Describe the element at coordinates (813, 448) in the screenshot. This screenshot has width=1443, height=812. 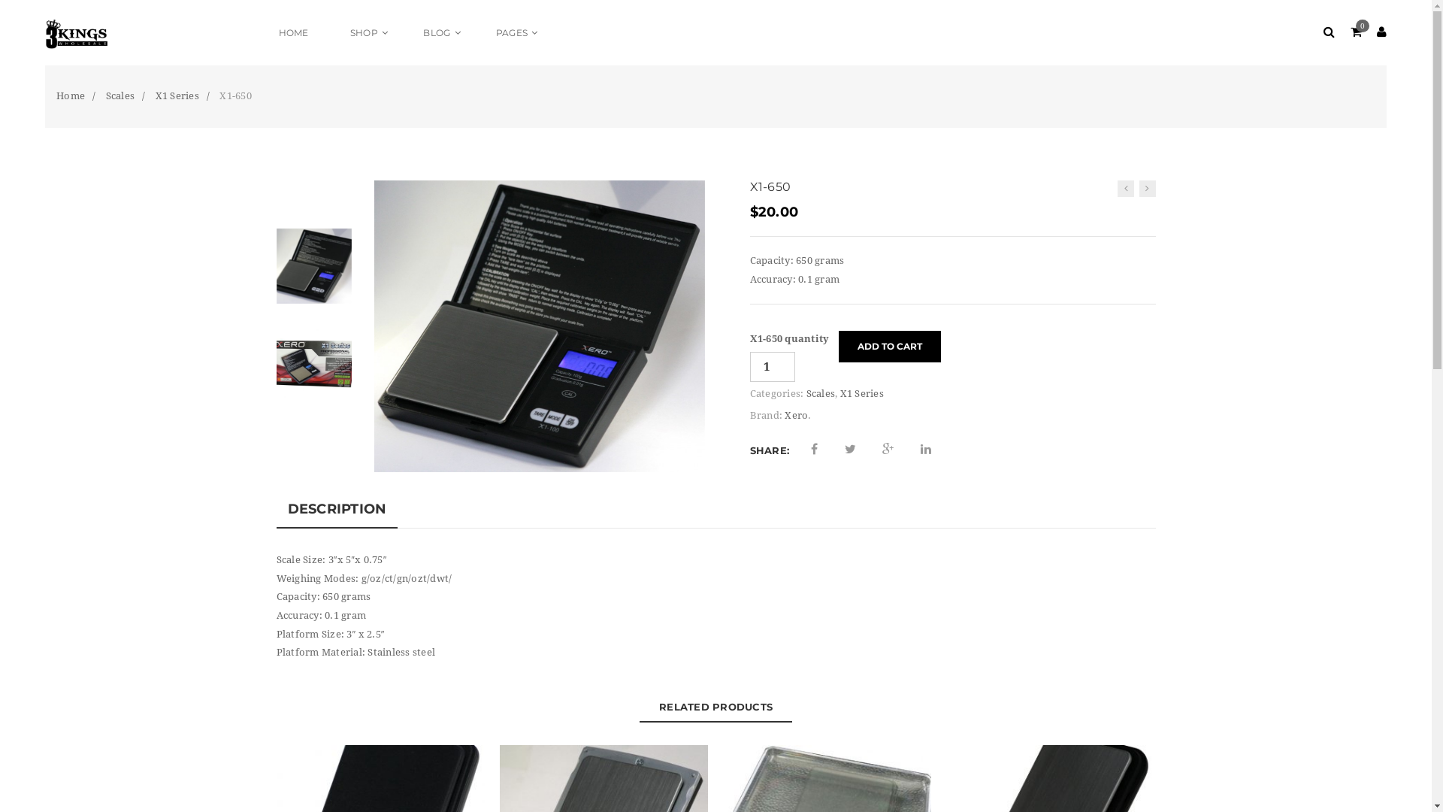
I see `'Share on Facebook'` at that location.